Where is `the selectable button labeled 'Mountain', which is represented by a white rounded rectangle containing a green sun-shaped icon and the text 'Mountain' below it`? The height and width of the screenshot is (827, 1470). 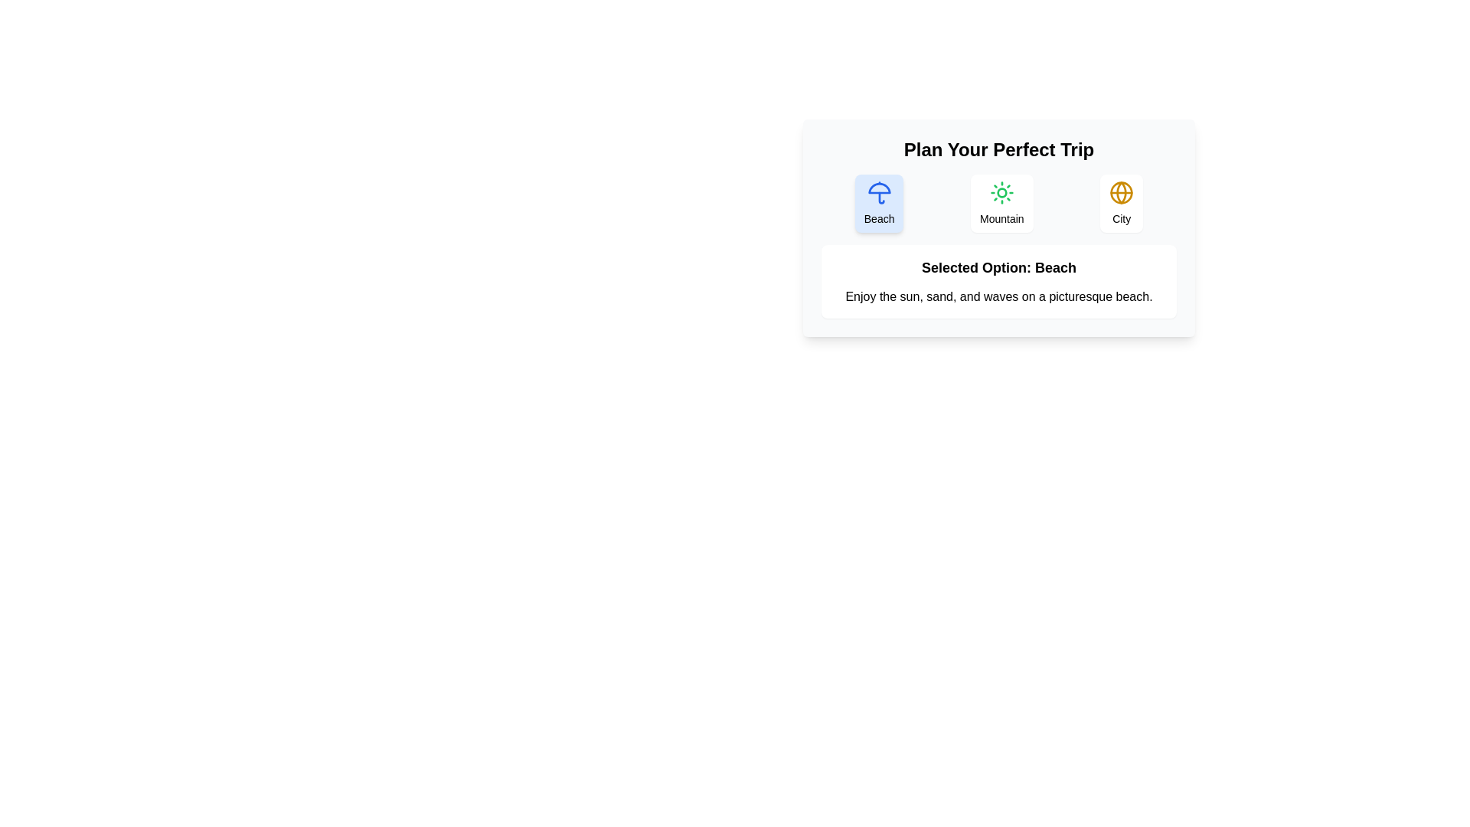
the selectable button labeled 'Mountain', which is represented by a white rounded rectangle containing a green sun-shaped icon and the text 'Mountain' below it is located at coordinates (1001, 203).